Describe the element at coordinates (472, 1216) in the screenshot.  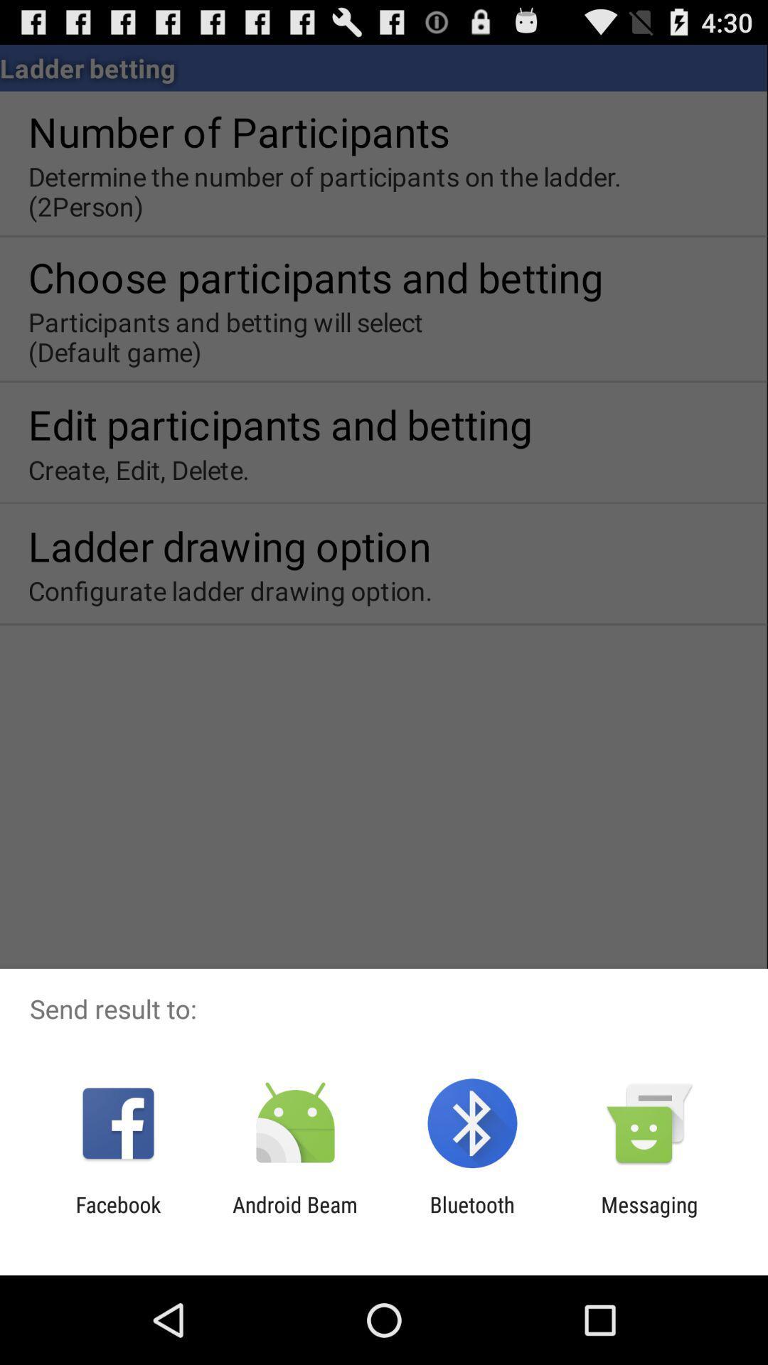
I see `the item to the left of the messaging item` at that location.